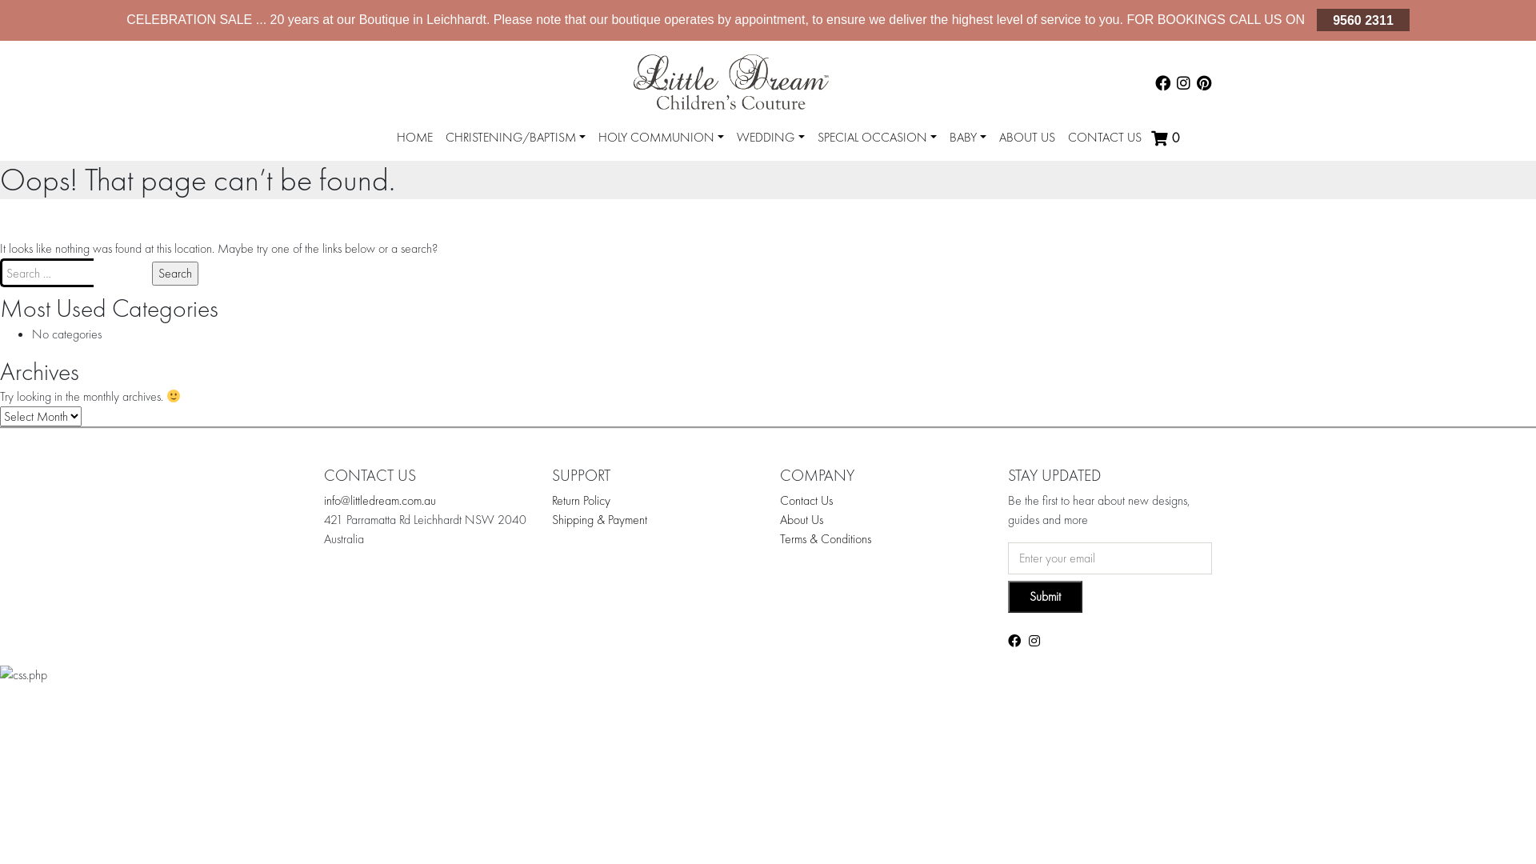  What do you see at coordinates (1104, 137) in the screenshot?
I see `'CONTACT US'` at bounding box center [1104, 137].